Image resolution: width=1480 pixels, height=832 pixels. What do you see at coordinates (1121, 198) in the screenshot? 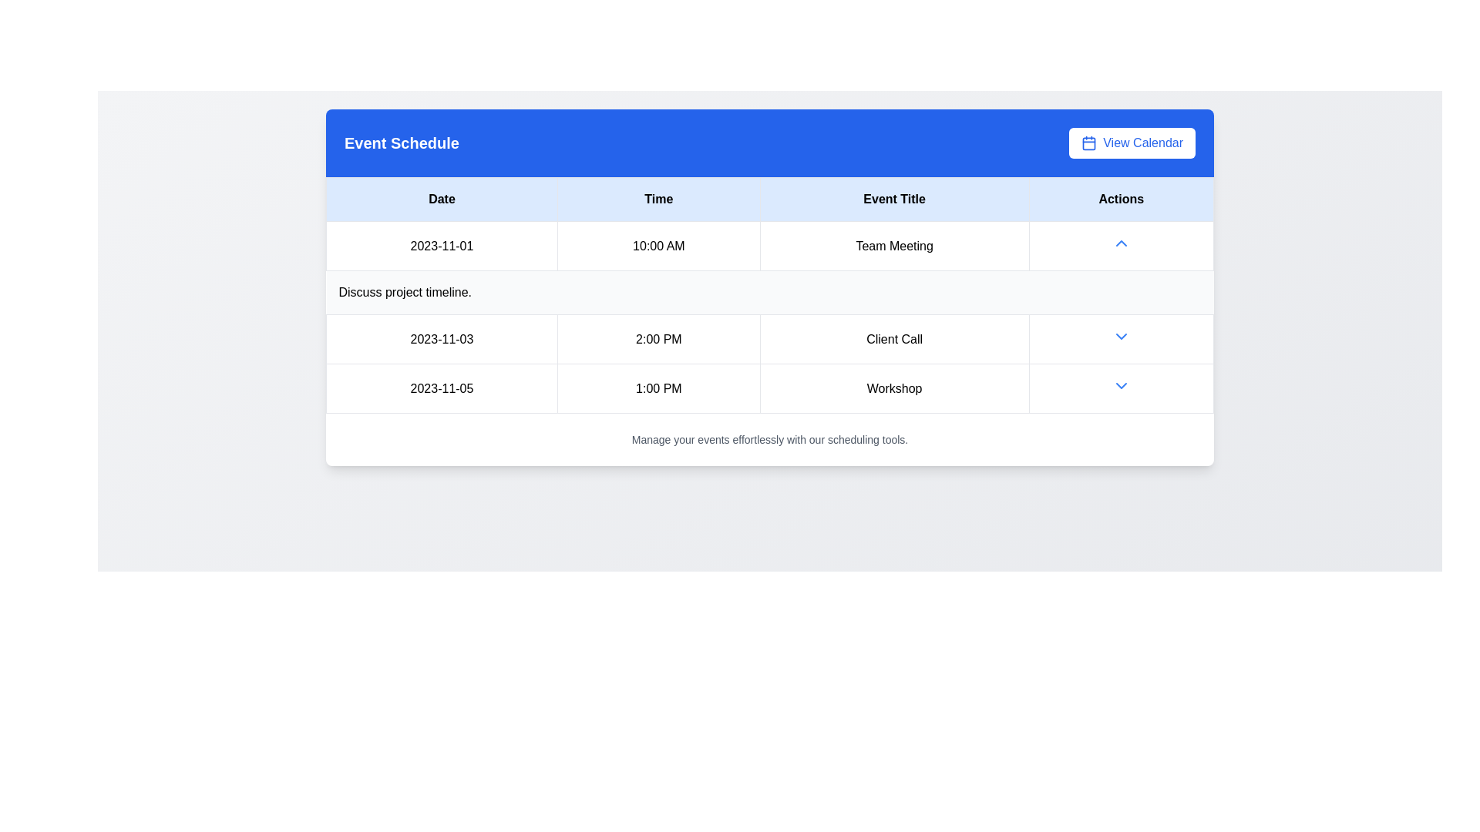
I see `the 'Actions' table header cell, which is the fourth cell in the header row with bold black text on a light blue background` at bounding box center [1121, 198].